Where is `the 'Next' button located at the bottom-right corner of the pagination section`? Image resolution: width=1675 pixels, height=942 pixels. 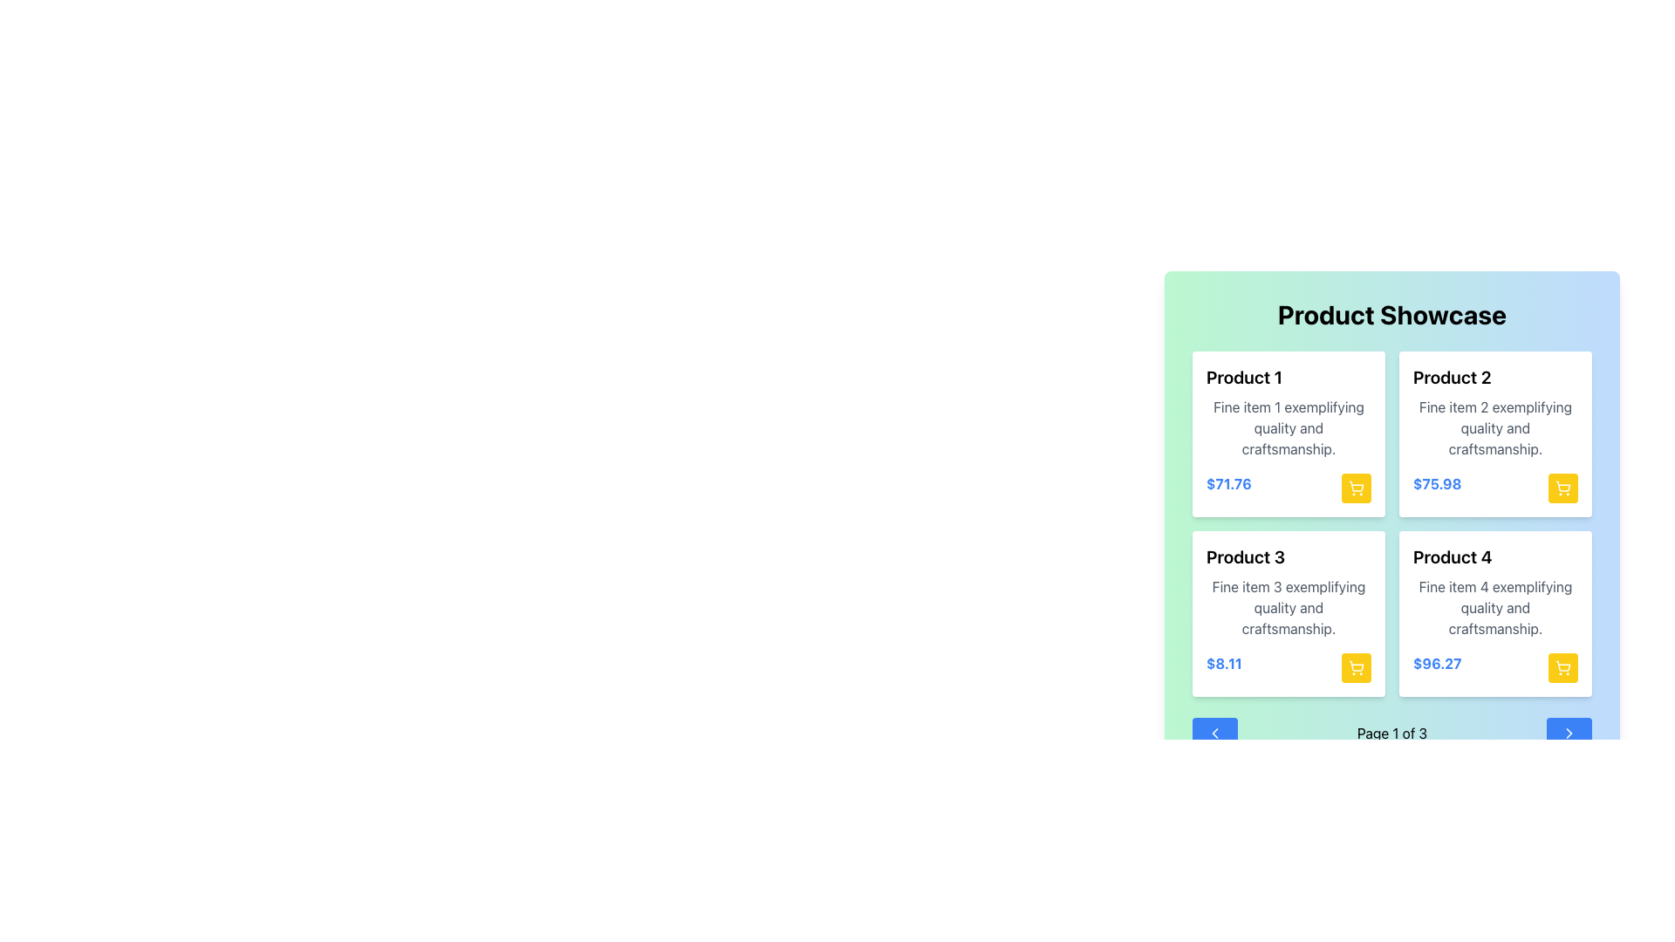
the 'Next' button located at the bottom-right corner of the pagination section is located at coordinates (1569, 733).